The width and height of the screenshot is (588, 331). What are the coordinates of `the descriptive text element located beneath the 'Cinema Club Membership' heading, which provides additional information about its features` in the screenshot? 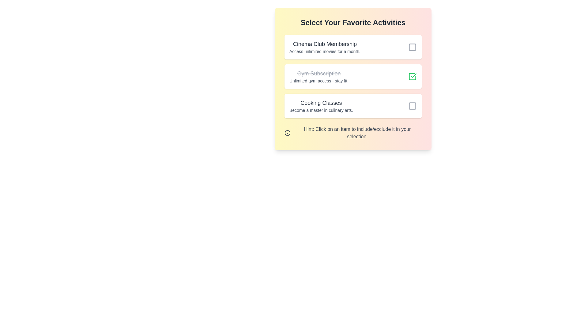 It's located at (324, 51).